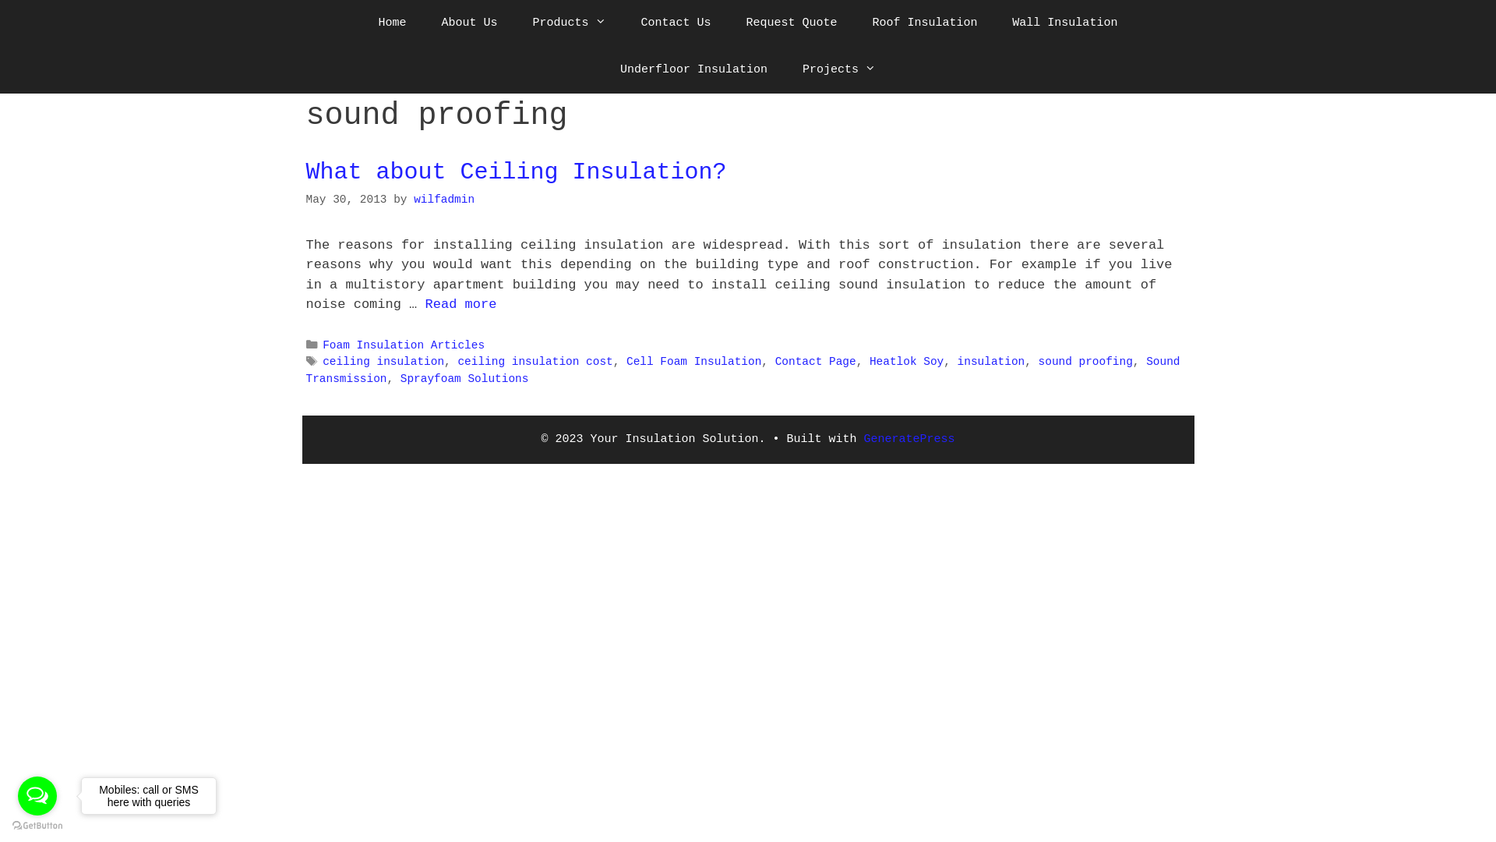 The image size is (1496, 842). Describe the element at coordinates (774, 361) in the screenshot. I see `'Contact Page'` at that location.